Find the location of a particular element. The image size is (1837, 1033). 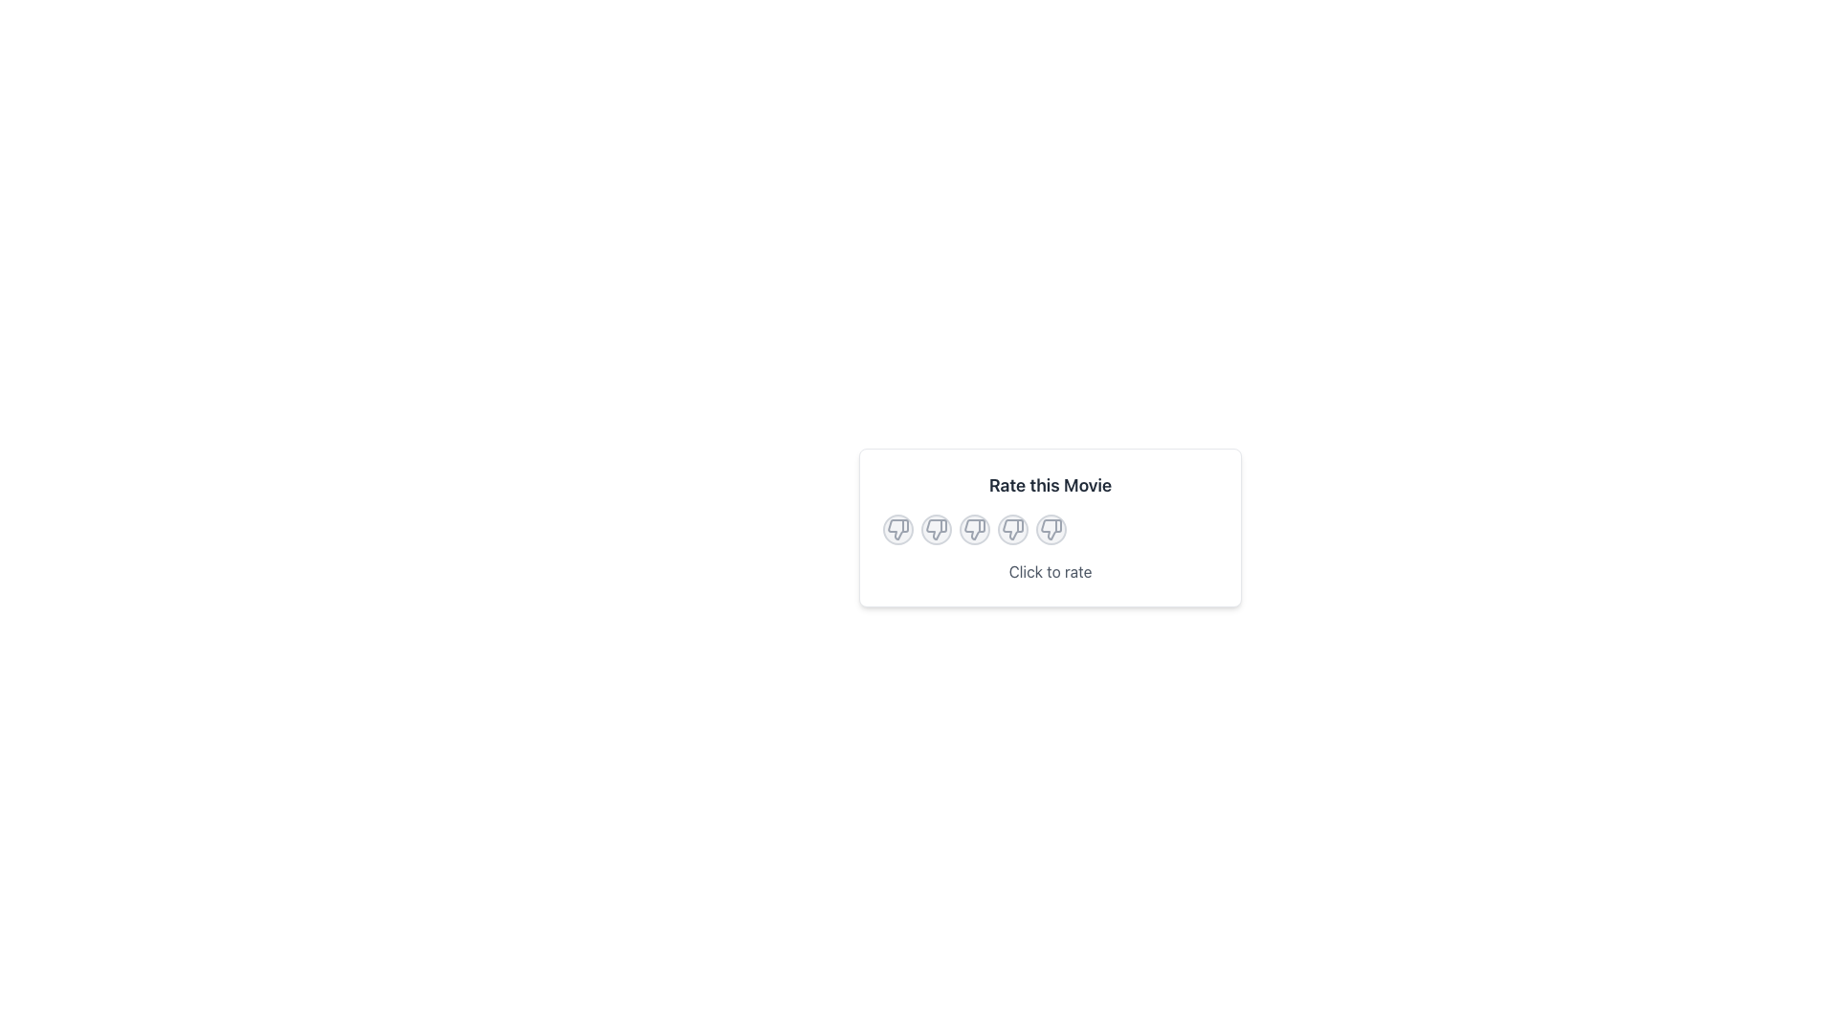

the fifth circular button with a thumbs-down icon is located at coordinates (1051, 530).